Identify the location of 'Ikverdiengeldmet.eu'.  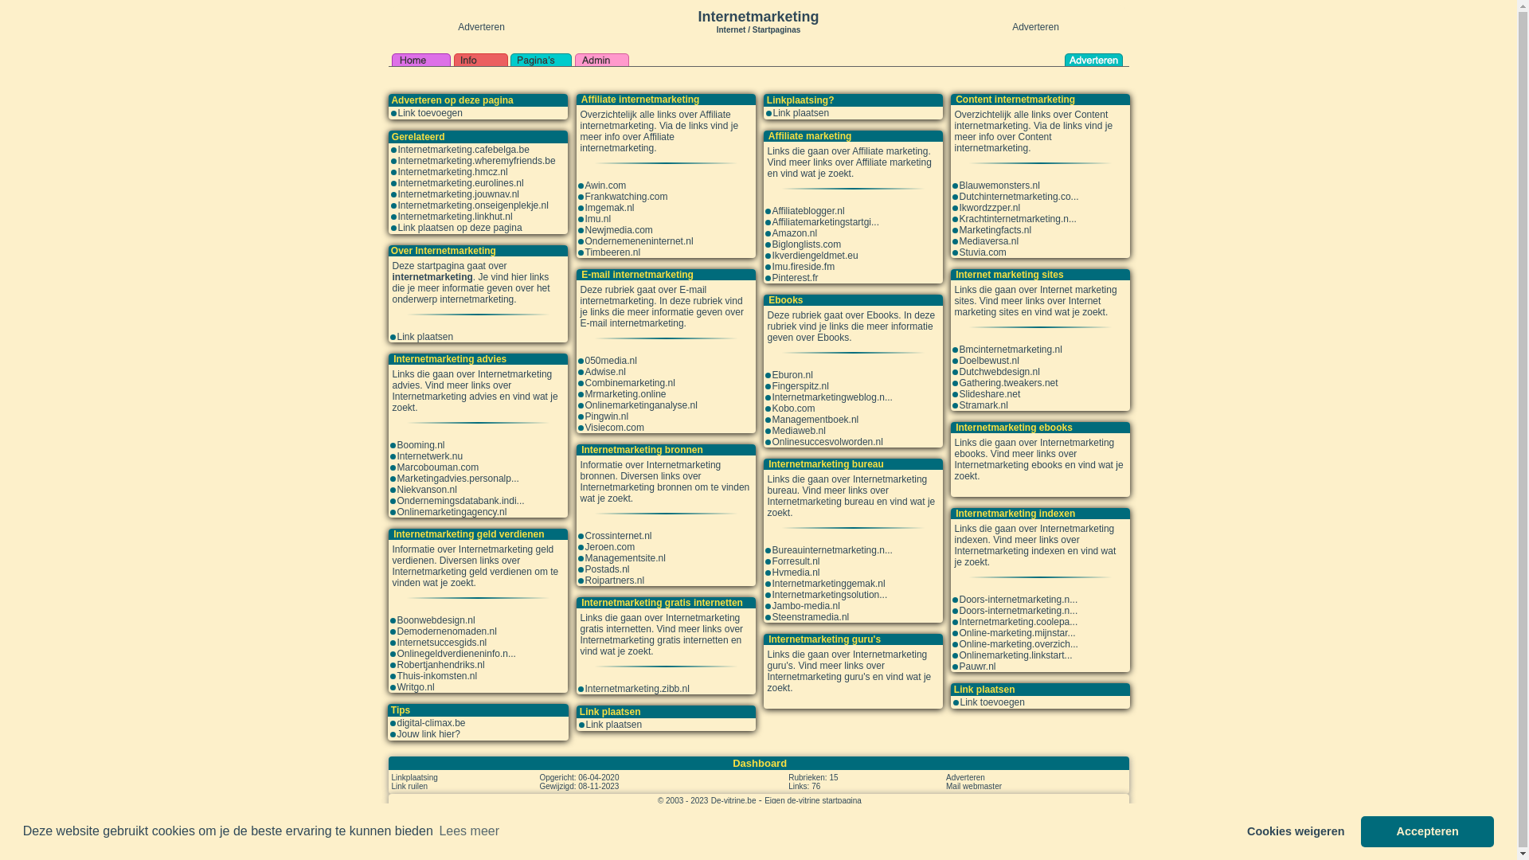
(815, 254).